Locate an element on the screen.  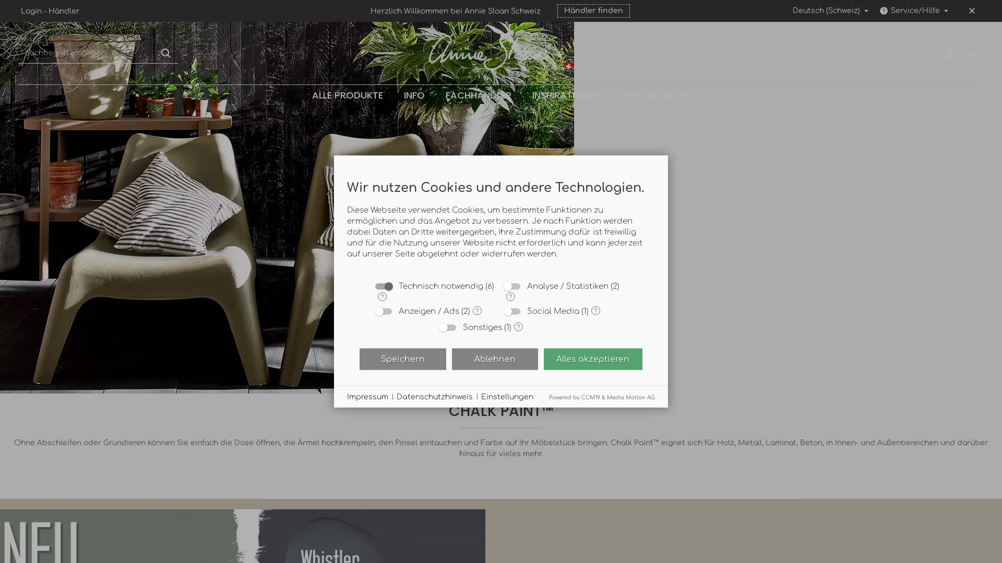
'Deutsch (Schweiz)' is located at coordinates (786, 10).